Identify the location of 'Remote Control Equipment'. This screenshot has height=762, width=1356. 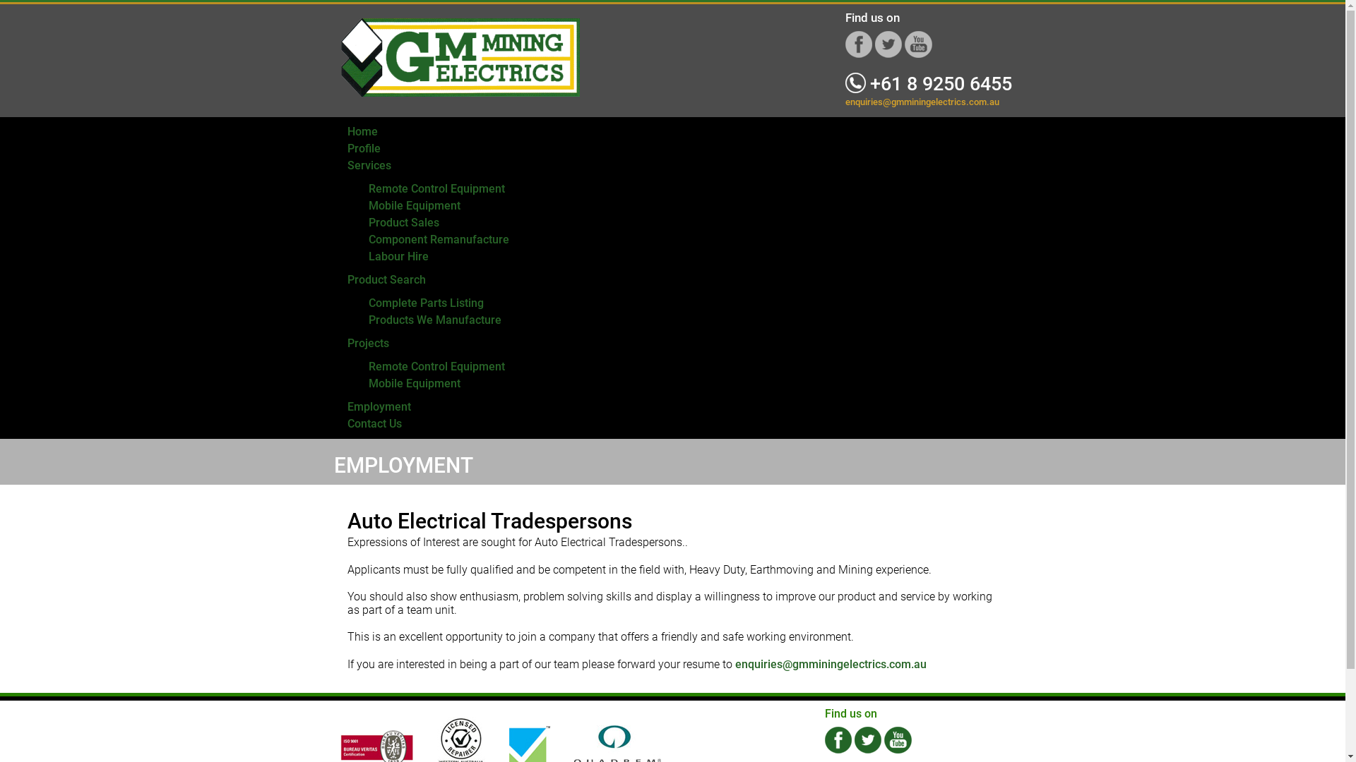
(436, 188).